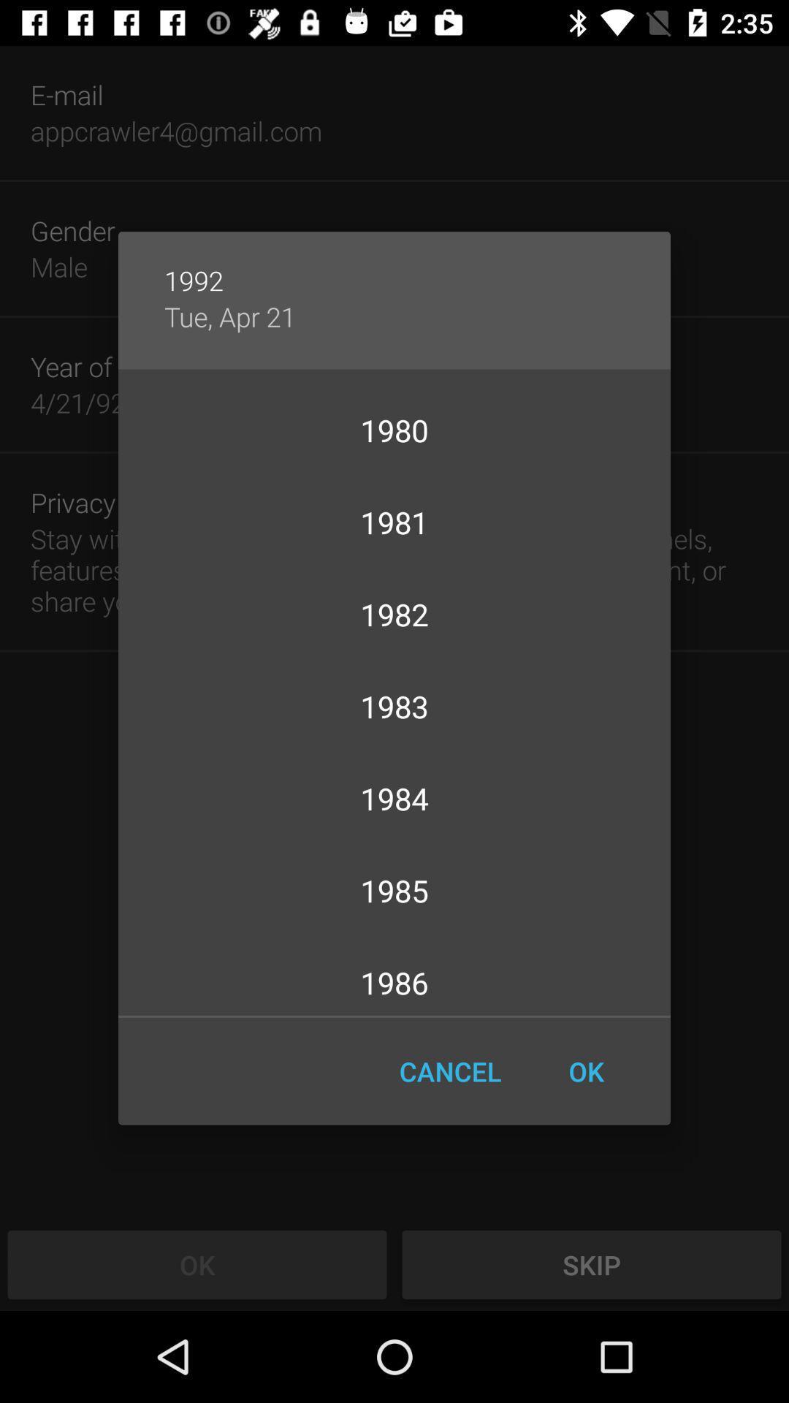 This screenshot has width=789, height=1403. What do you see at coordinates (585, 1071) in the screenshot?
I see `the ok icon` at bounding box center [585, 1071].